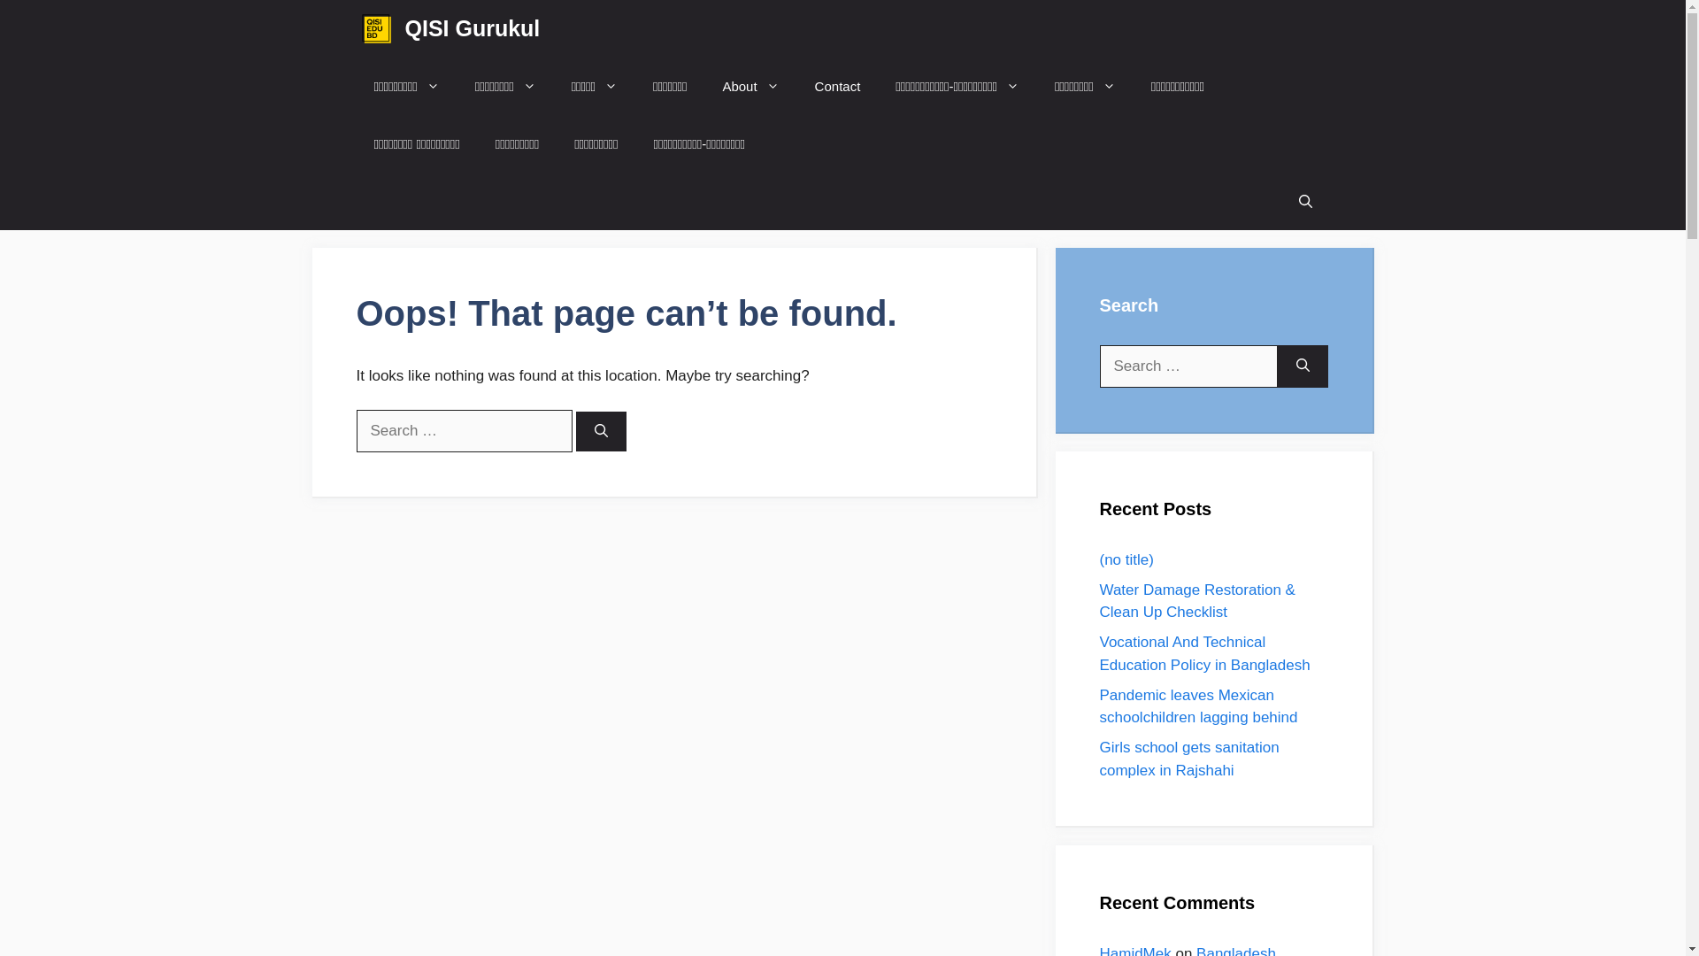 The image size is (1699, 956). I want to click on 'QISI Gurukul', so click(374, 28).